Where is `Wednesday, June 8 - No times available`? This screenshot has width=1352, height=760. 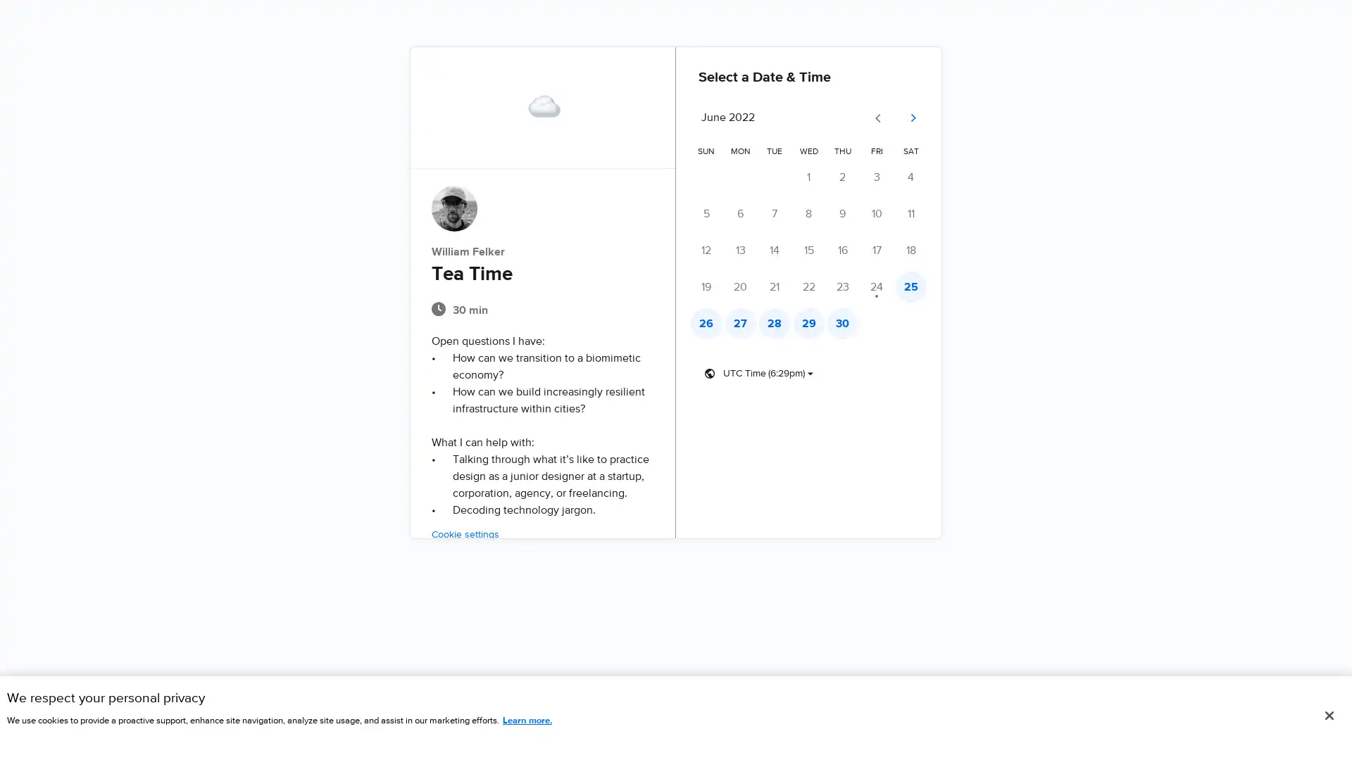 Wednesday, June 8 - No times available is located at coordinates (815, 214).